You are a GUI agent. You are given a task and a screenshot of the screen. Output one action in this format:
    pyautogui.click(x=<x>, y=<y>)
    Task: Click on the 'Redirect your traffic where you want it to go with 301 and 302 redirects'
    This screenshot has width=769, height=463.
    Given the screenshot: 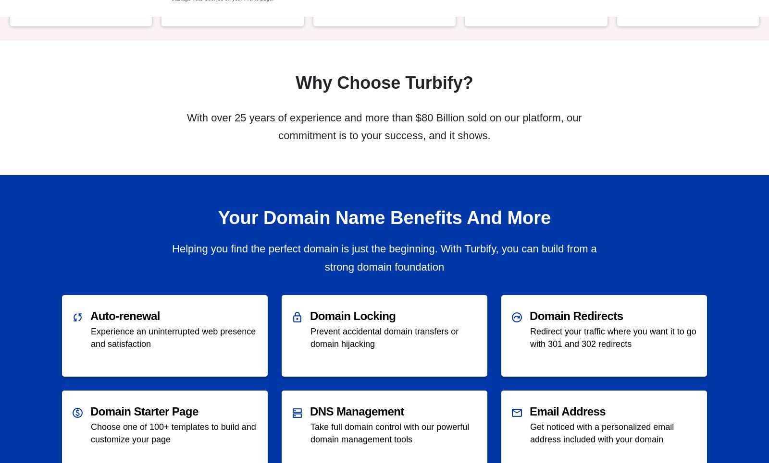 What is the action you would take?
    pyautogui.click(x=612, y=337)
    